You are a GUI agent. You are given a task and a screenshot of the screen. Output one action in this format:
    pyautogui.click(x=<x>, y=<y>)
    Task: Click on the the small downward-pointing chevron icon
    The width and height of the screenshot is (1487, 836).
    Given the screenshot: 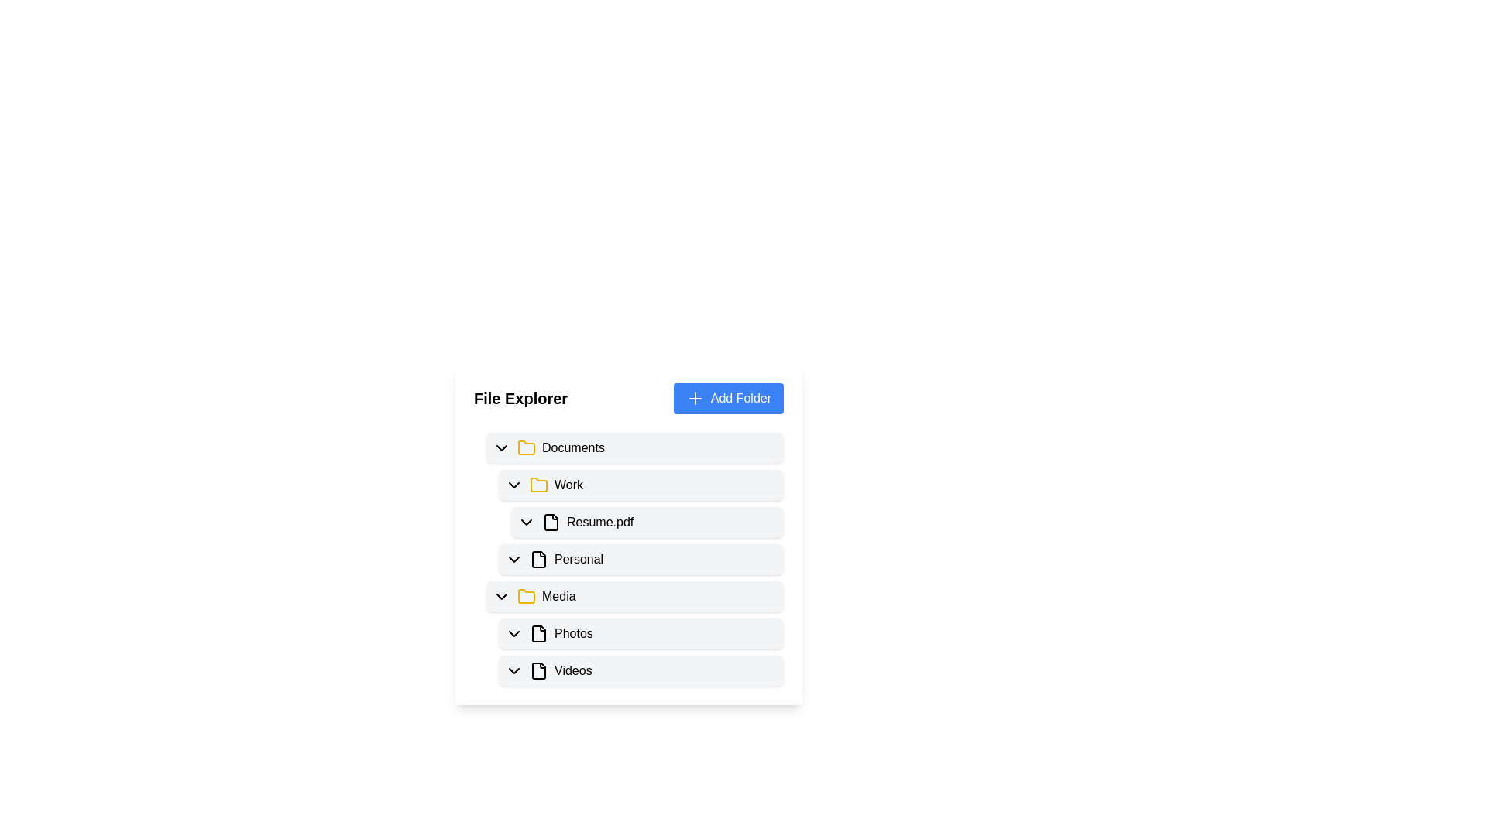 What is the action you would take?
    pyautogui.click(x=513, y=670)
    